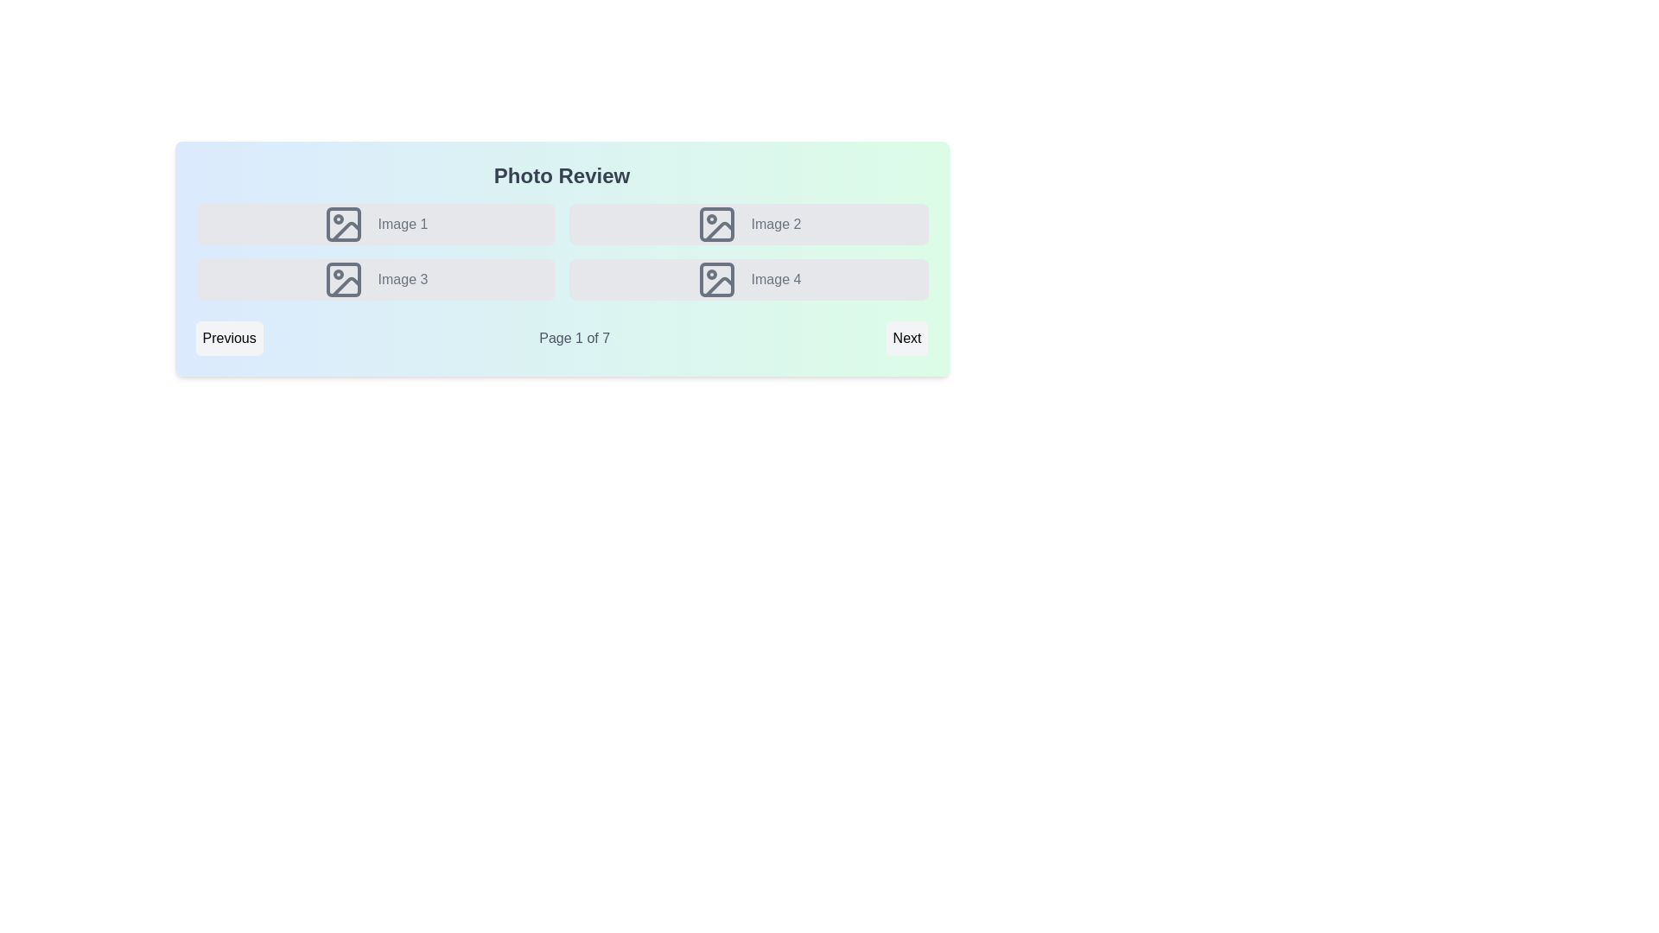  What do you see at coordinates (775, 279) in the screenshot?
I see `the text label located in the second row, second column of the grid layout within the 'Photo Review' section, which is directly to the right of the image icon` at bounding box center [775, 279].